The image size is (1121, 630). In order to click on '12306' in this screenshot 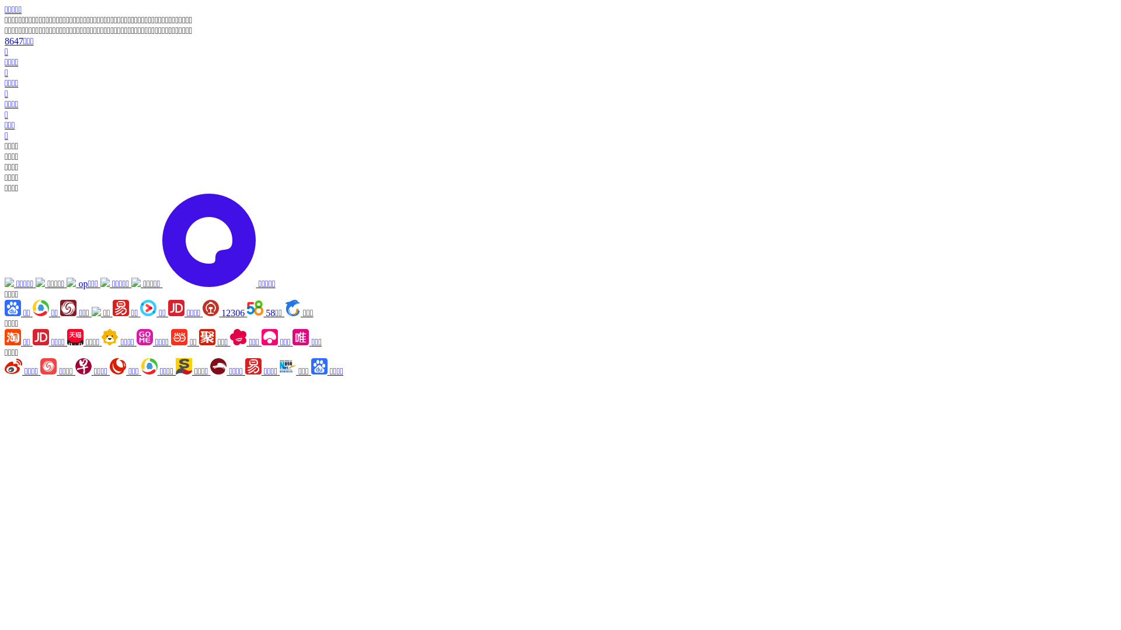, I will do `click(224, 312)`.